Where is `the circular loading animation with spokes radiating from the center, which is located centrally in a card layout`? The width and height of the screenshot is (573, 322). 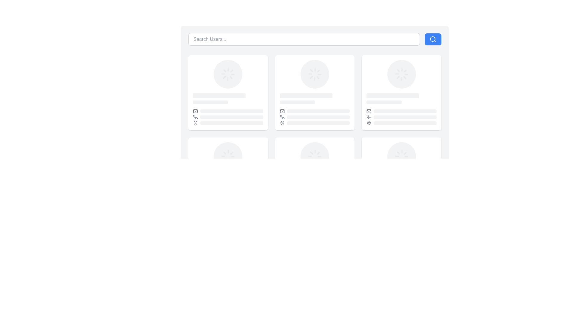 the circular loading animation with spokes radiating from the center, which is located centrally in a card layout is located at coordinates (315, 156).